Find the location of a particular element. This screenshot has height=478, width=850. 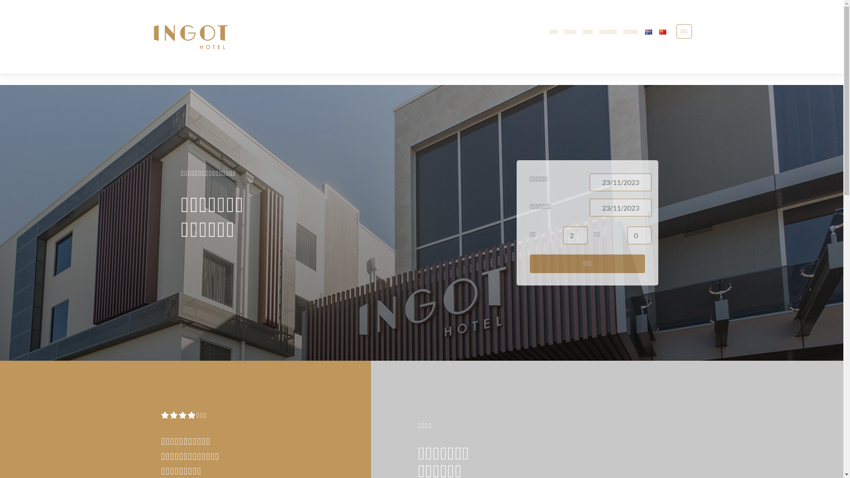

'English' is located at coordinates (645, 31).